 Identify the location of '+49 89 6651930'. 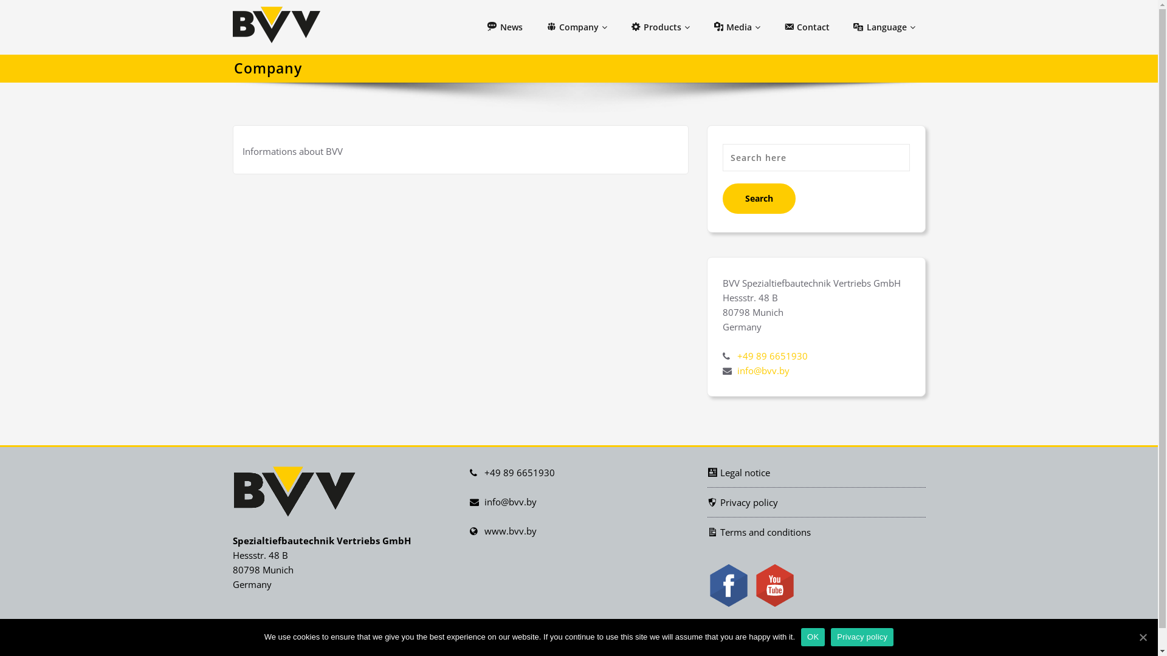
(771, 355).